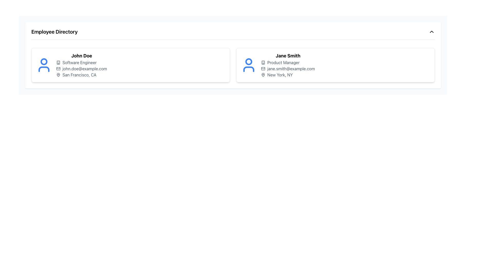 This screenshot has height=277, width=494. I want to click on the static icon indicating the location for 'New York, NY' adjacent to 'Jane Smith' in the Employee Directory, so click(263, 75).